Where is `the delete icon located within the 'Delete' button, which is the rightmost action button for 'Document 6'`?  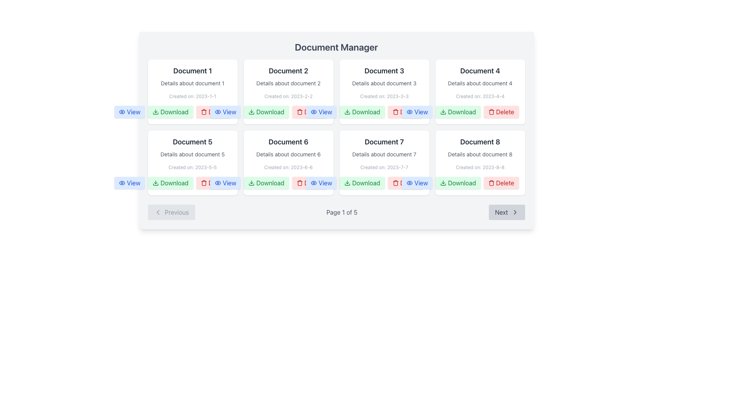 the delete icon located within the 'Delete' button, which is the rightmost action button for 'Document 6' is located at coordinates (299, 183).